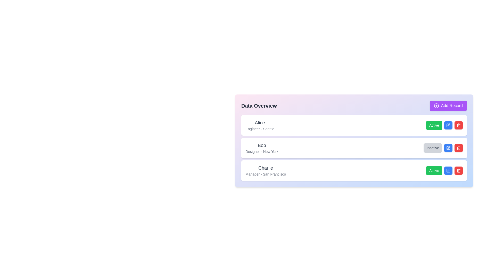  Describe the element at coordinates (260, 129) in the screenshot. I see `the text element displaying 'Engineer - Seattle', which is styled in small, gray-colored font and located beneath the name 'Alice'` at that location.